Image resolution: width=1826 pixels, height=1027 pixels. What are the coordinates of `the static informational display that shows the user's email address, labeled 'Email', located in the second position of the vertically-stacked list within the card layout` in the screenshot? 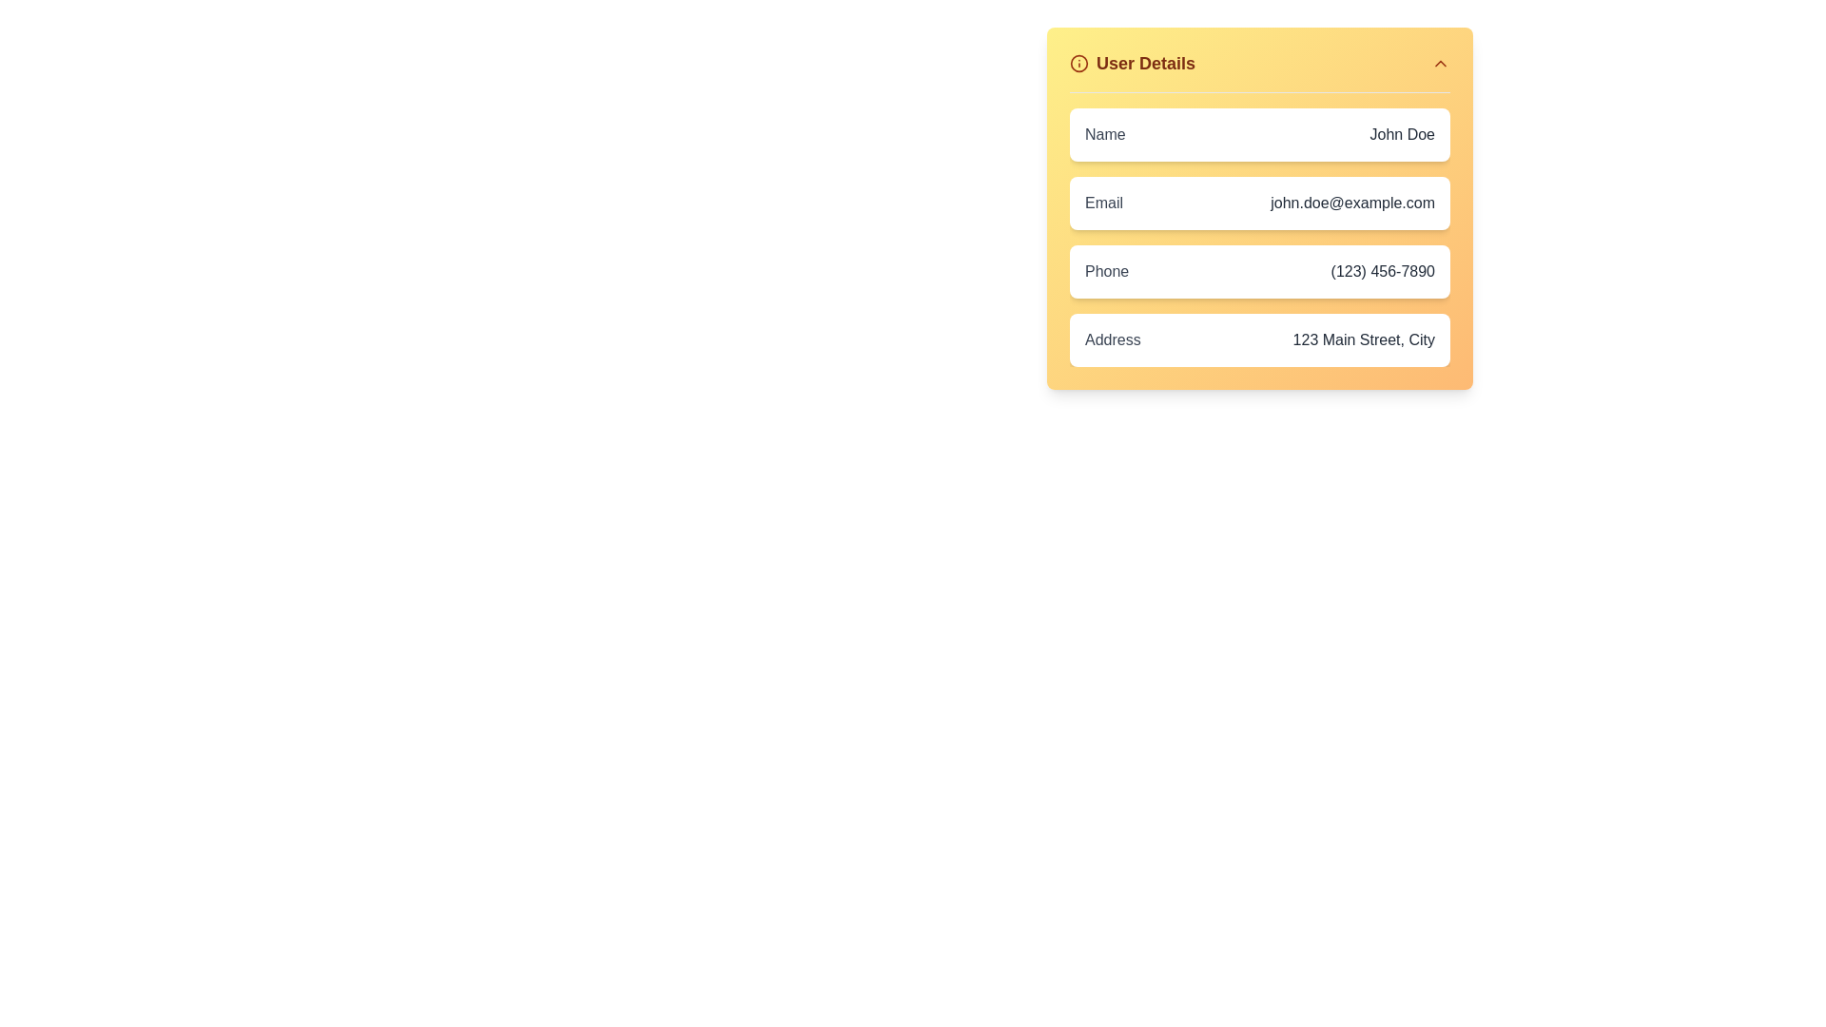 It's located at (1259, 203).